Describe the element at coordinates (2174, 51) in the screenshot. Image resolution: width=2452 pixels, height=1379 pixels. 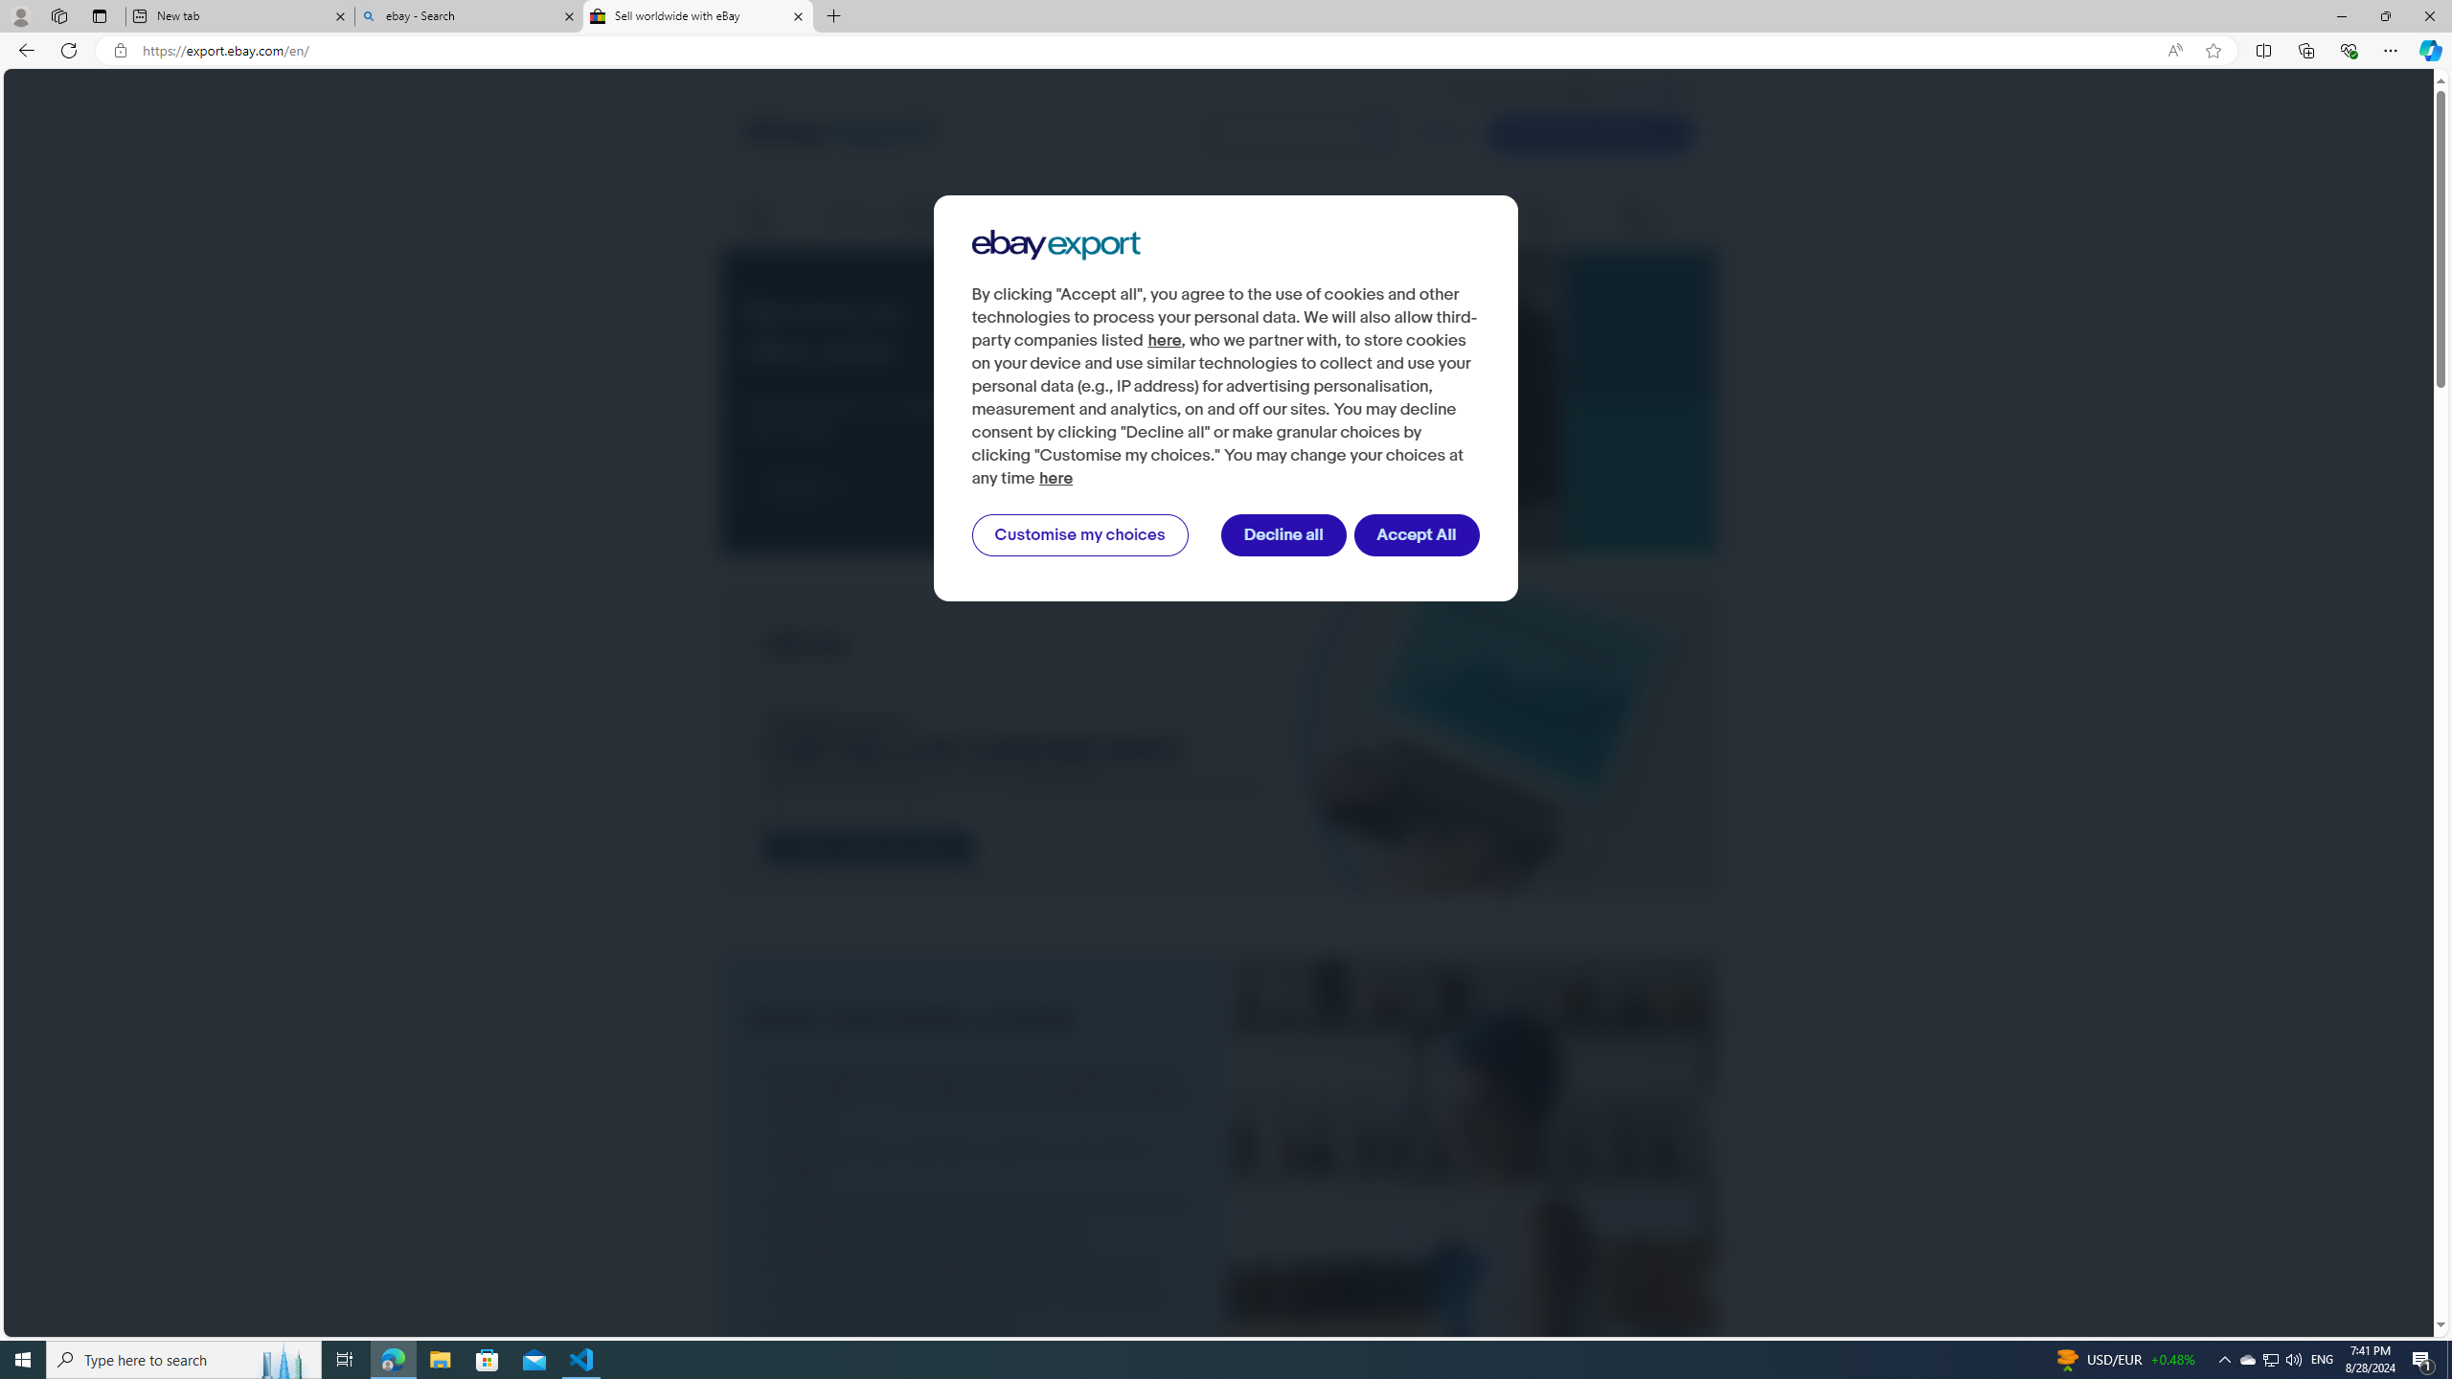
I see `'Read aloud this page (Ctrl+Shift+U)'` at that location.